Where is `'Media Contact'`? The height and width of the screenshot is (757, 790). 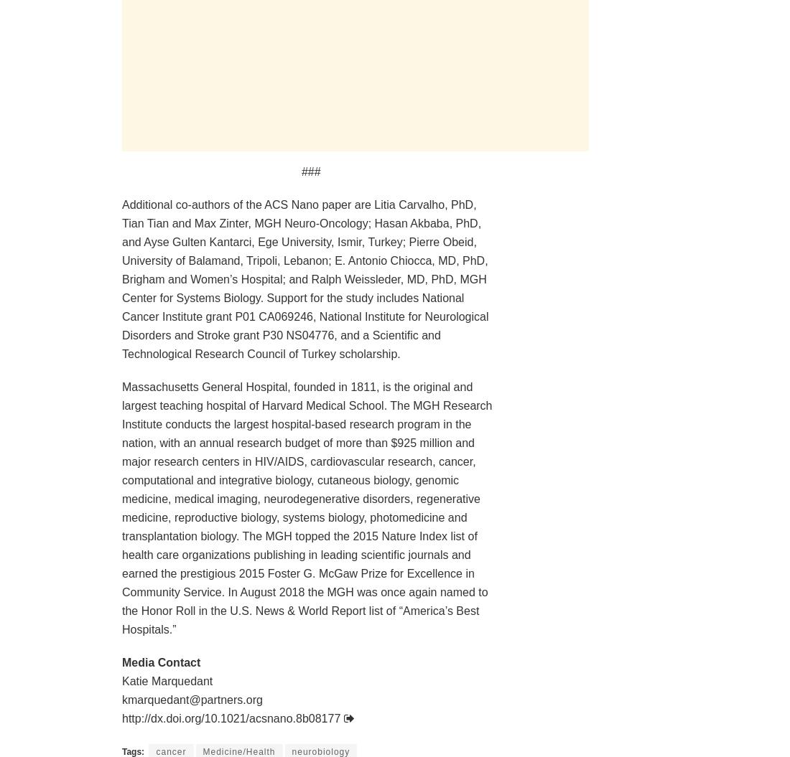 'Media Contact' is located at coordinates (161, 661).